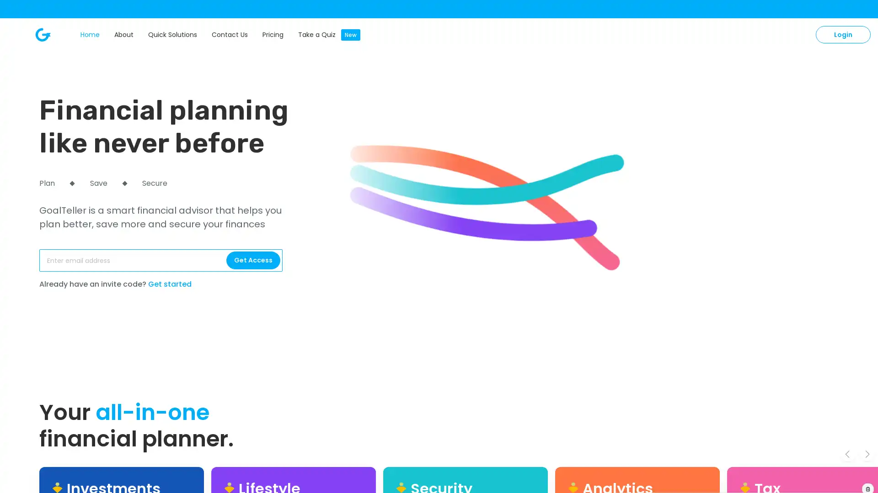 The height and width of the screenshot is (493, 878). I want to click on Get Access, so click(253, 260).